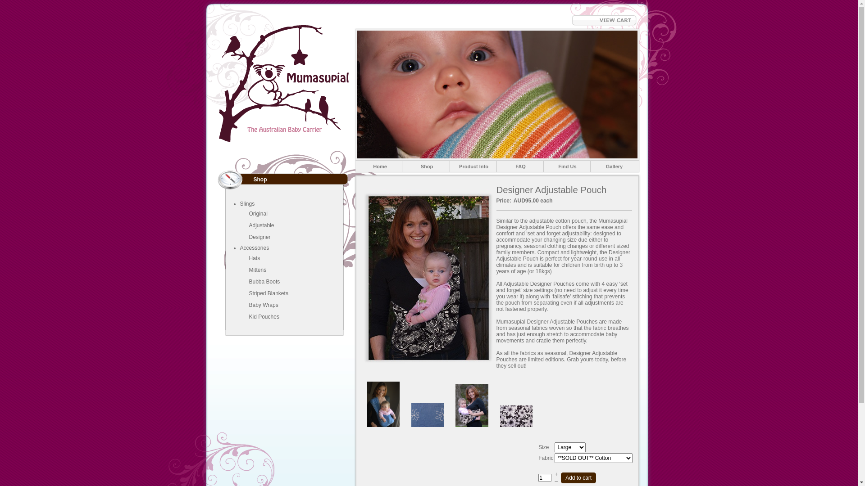 This screenshot has width=865, height=486. I want to click on 'View Cart', so click(603, 23).